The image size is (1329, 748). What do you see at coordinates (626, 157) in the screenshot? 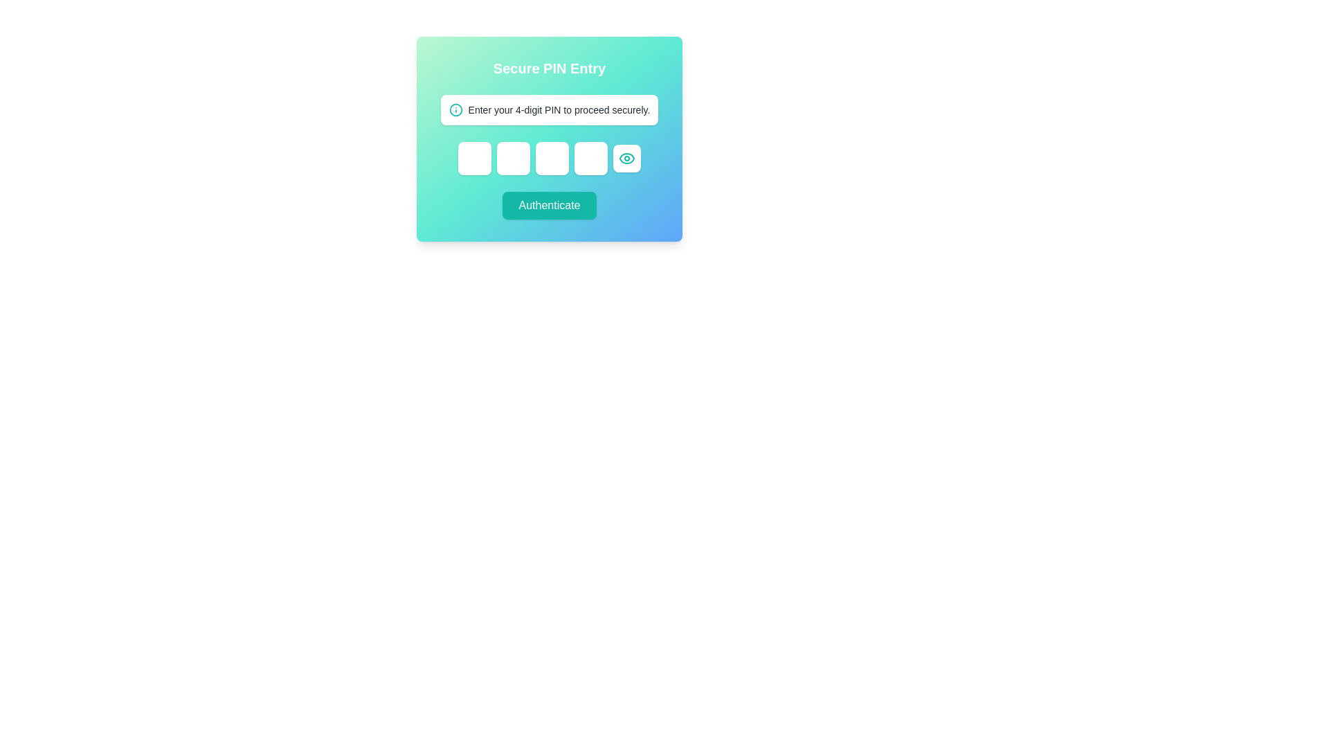
I see `the toggle visibility icon located to the right of the last PIN input field` at bounding box center [626, 157].